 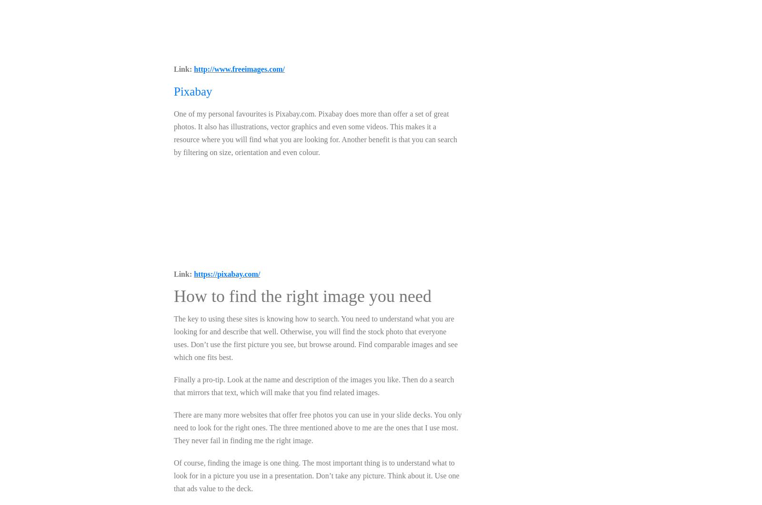 What do you see at coordinates (192, 91) in the screenshot?
I see `'Pixabay'` at bounding box center [192, 91].